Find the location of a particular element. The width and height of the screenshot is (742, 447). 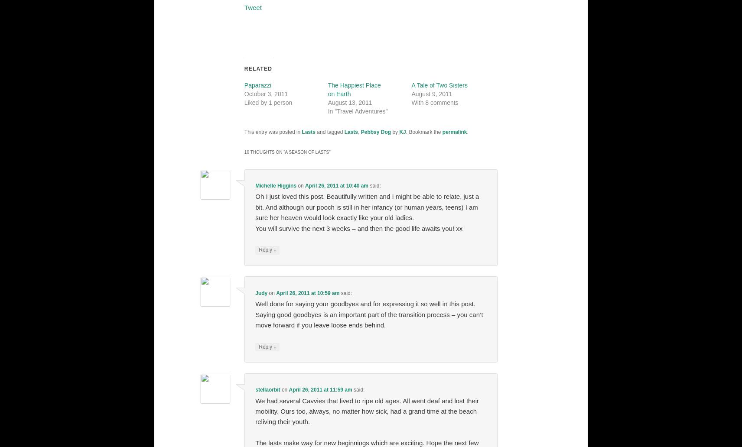

'and tagged' is located at coordinates (329, 132).